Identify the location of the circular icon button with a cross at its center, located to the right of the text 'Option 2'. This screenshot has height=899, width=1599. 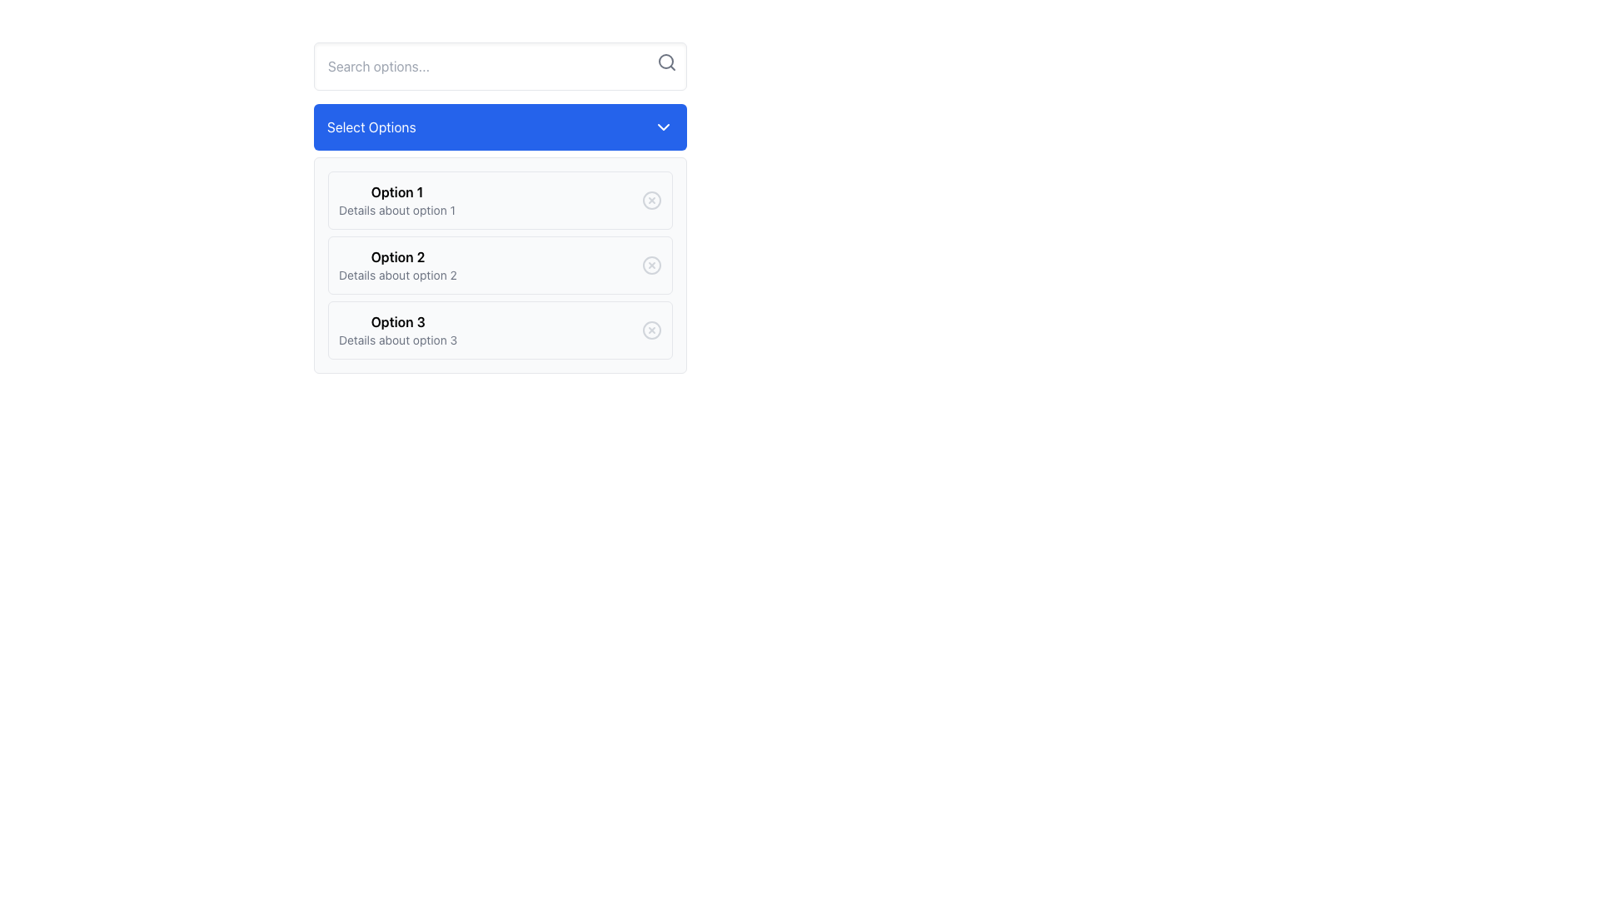
(650, 265).